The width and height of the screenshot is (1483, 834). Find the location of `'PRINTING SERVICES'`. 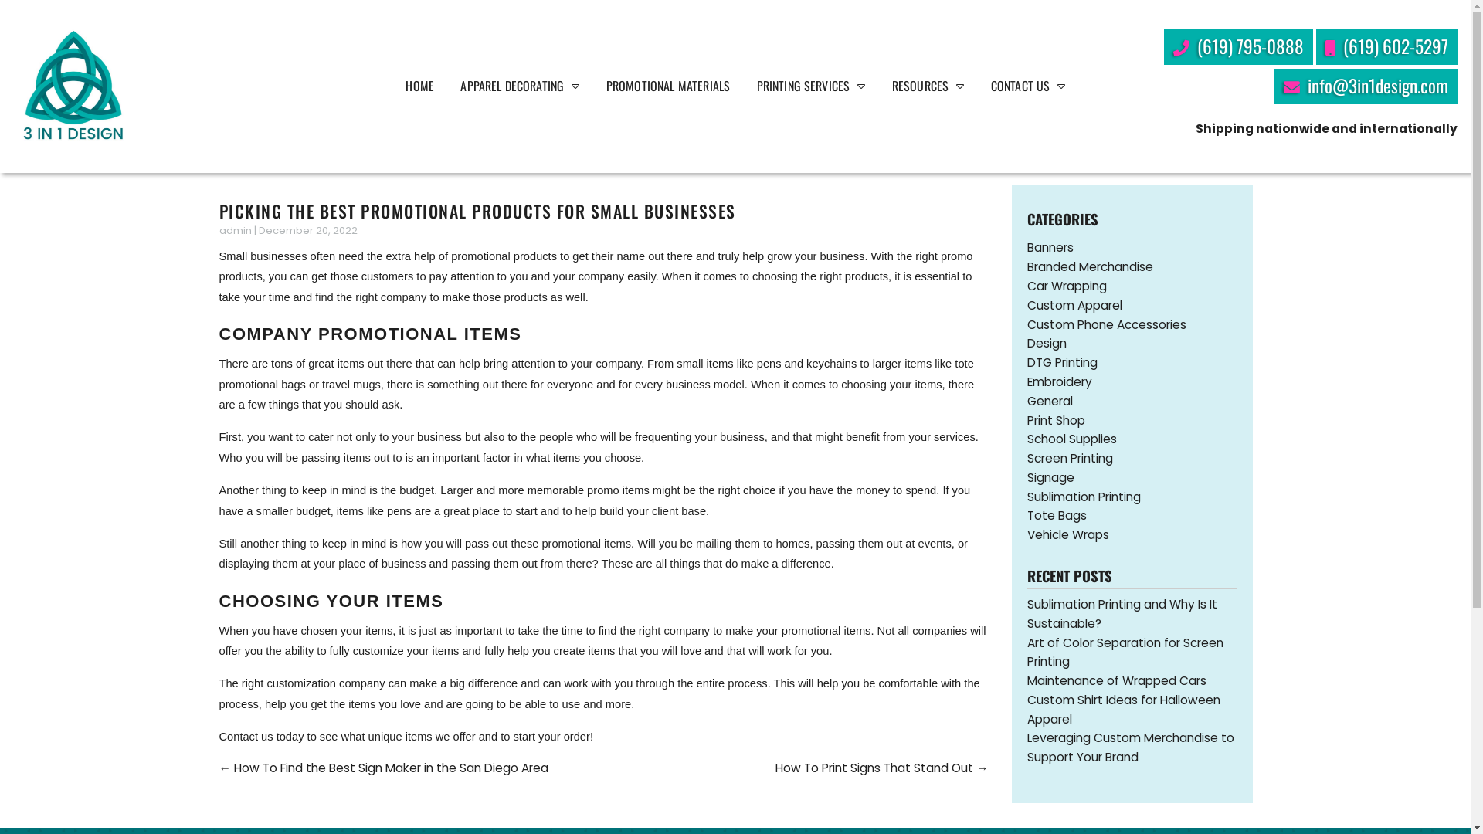

'PRINTING SERVICES' is located at coordinates (810, 86).